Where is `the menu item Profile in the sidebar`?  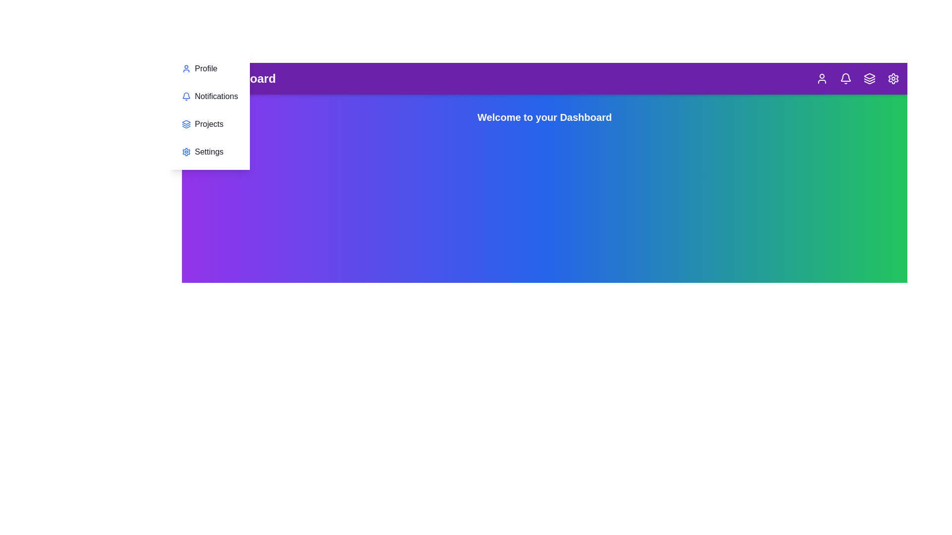
the menu item Profile in the sidebar is located at coordinates (209, 68).